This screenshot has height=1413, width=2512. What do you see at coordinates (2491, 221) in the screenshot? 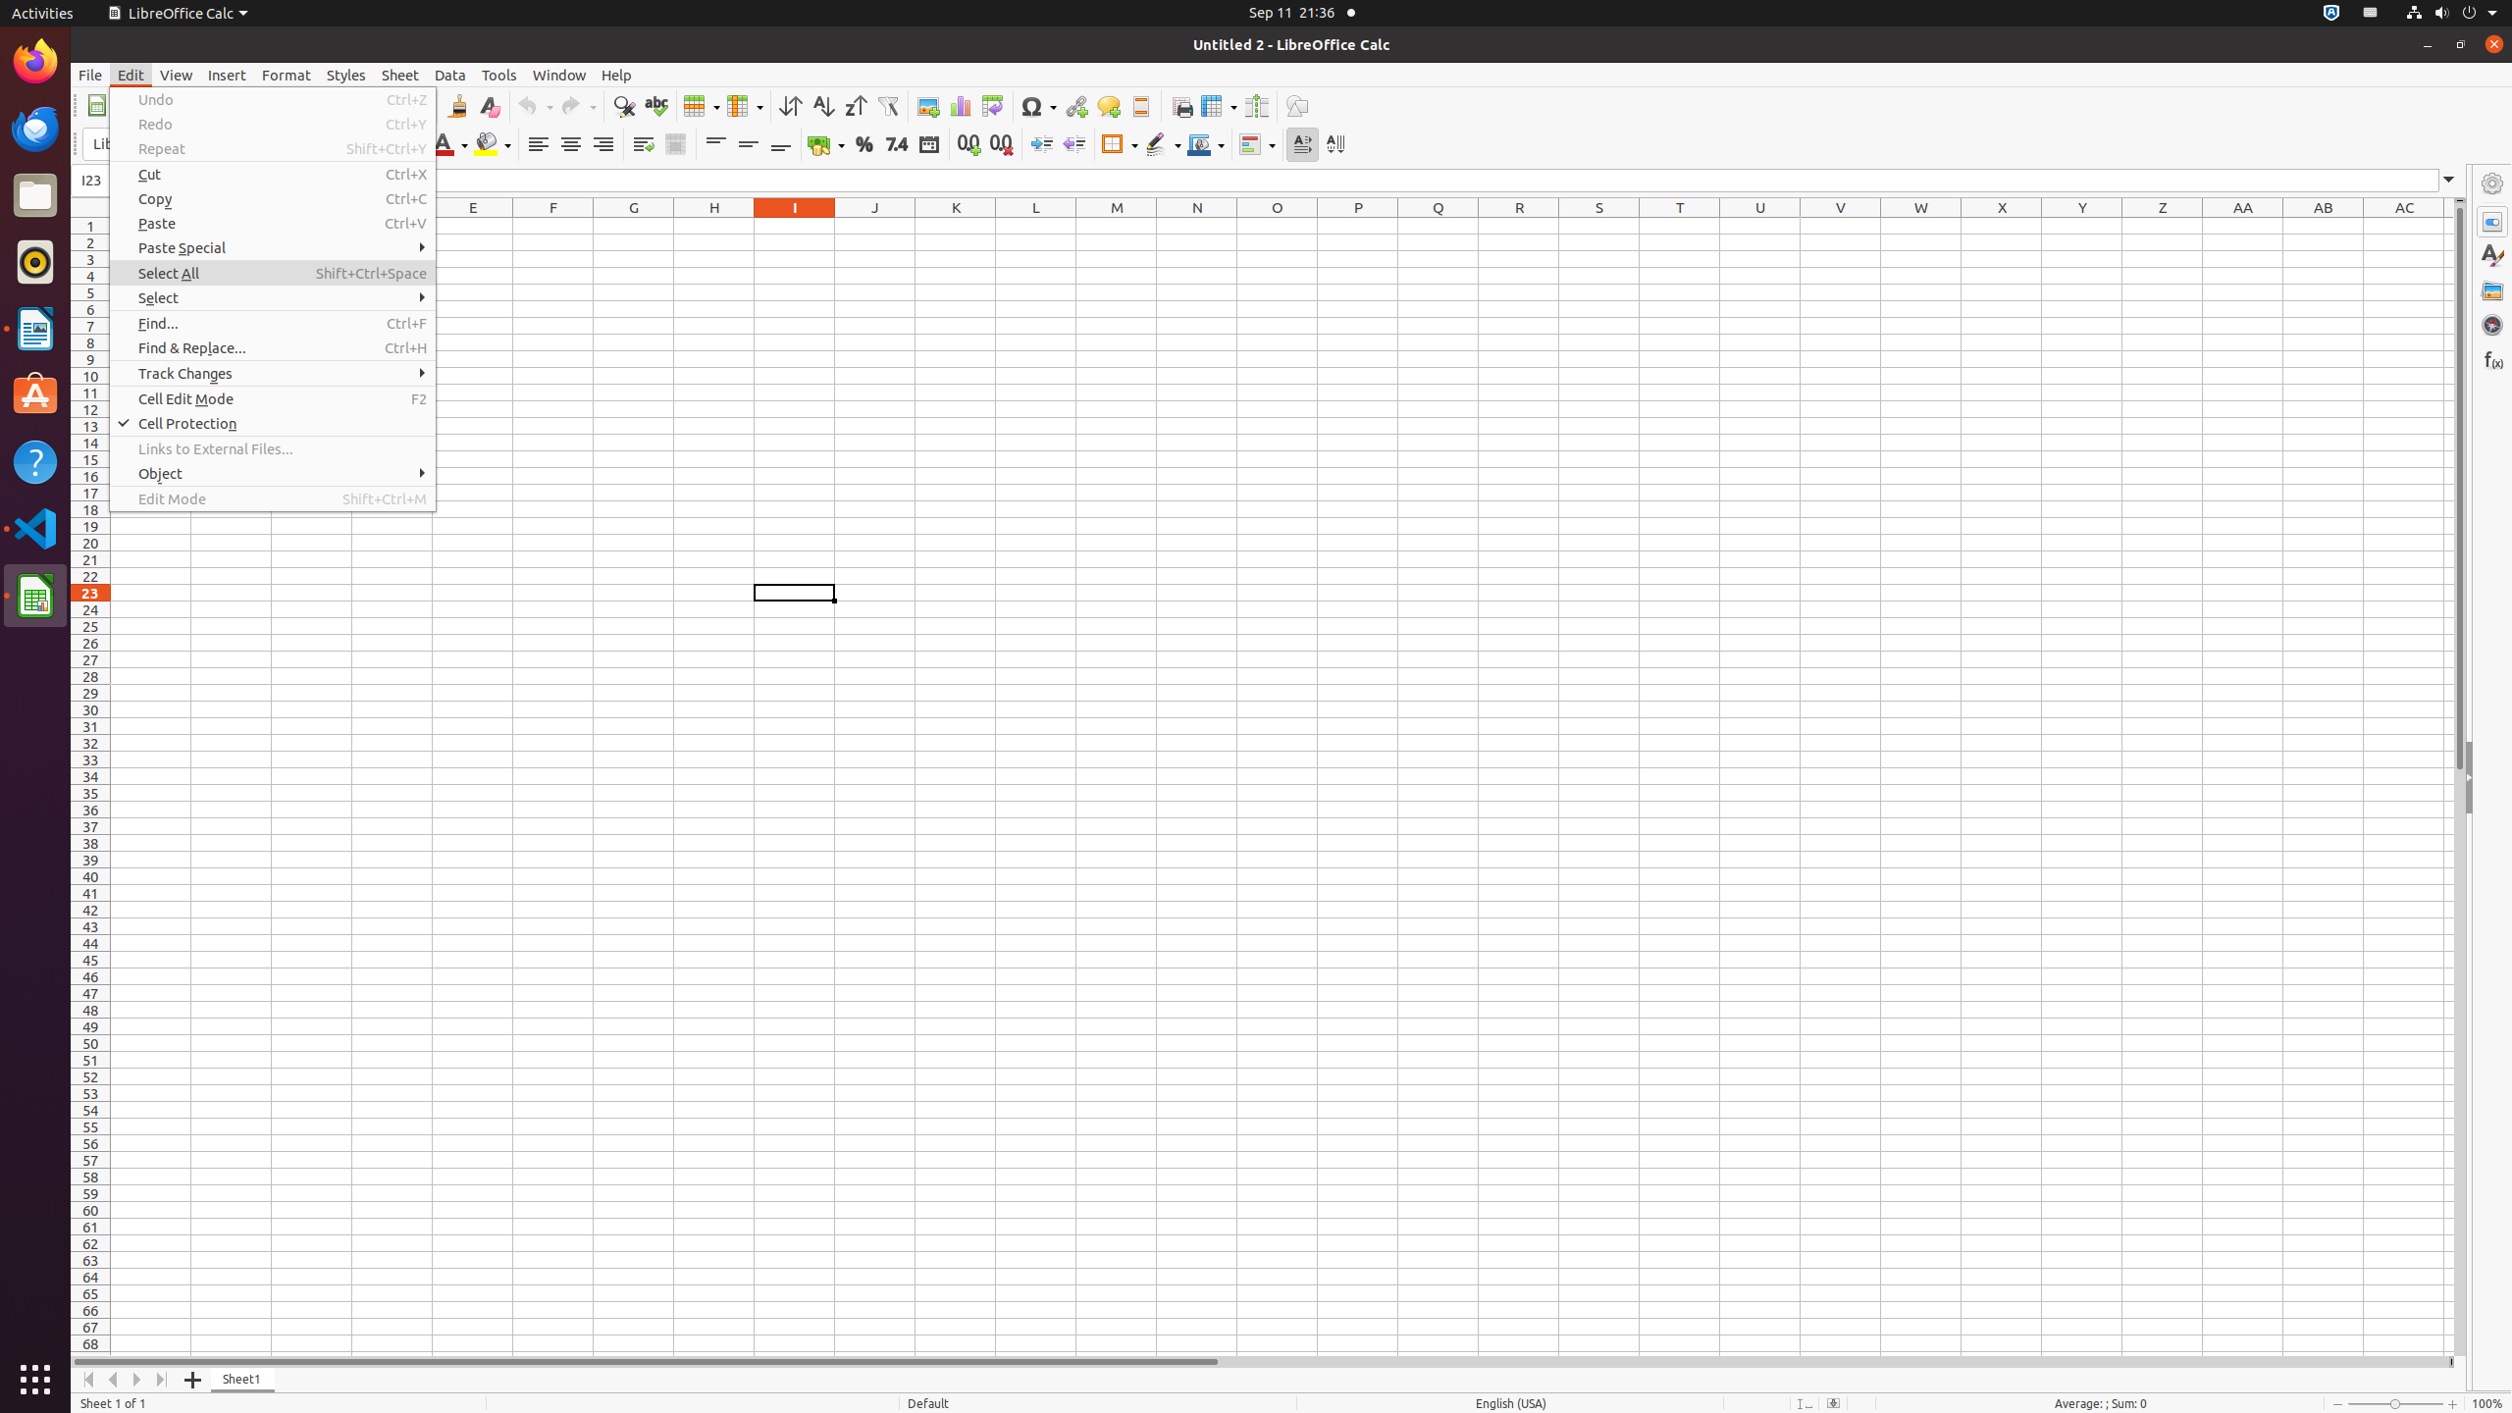
I see `'Properties'` at bounding box center [2491, 221].